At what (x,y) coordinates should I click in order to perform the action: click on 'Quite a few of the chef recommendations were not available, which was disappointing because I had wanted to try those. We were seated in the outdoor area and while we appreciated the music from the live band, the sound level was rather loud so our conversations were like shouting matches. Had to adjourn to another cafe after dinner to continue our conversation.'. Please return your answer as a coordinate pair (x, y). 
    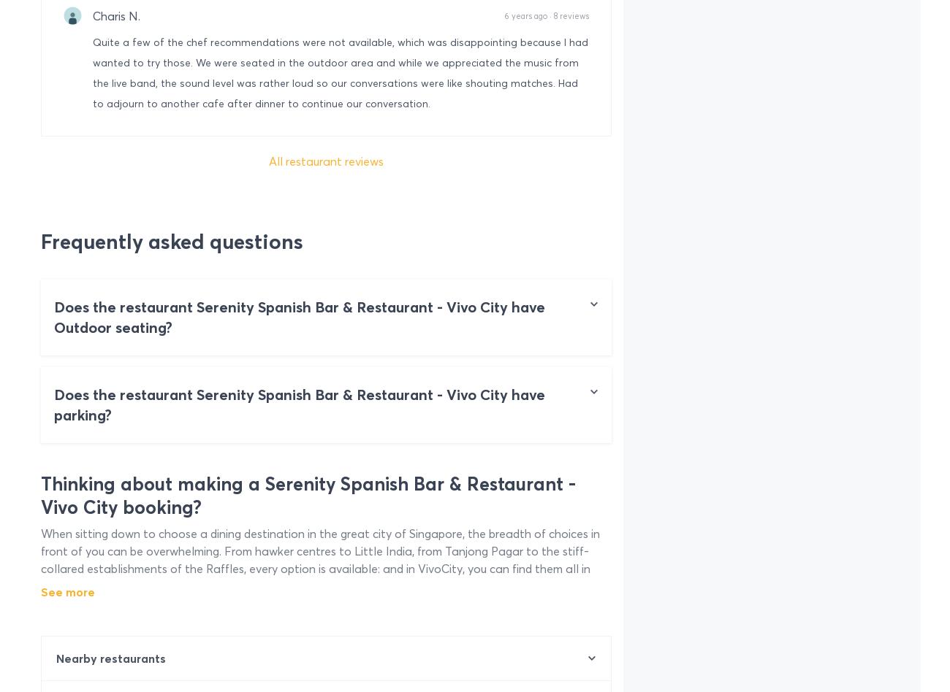
    Looking at the image, I should click on (340, 73).